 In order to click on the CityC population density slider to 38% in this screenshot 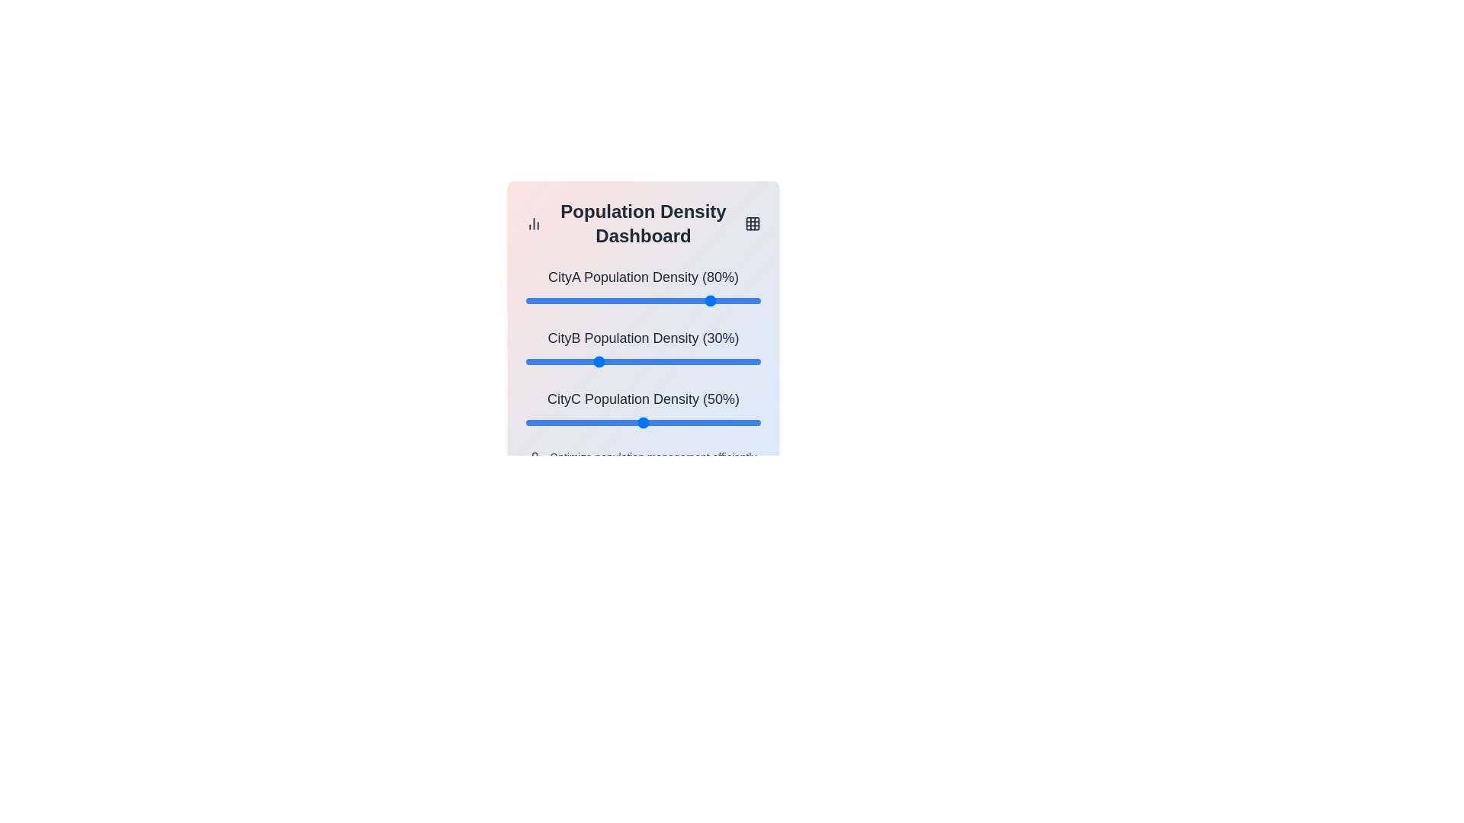, I will do `click(615, 423)`.